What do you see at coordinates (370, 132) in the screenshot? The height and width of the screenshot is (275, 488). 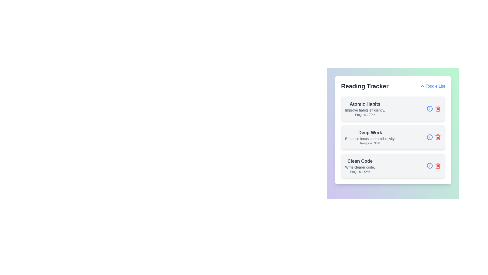 I see `the text label 'Deep Work' which is styled in bold dark gray and is positioned at the top center of the list item card` at bounding box center [370, 132].